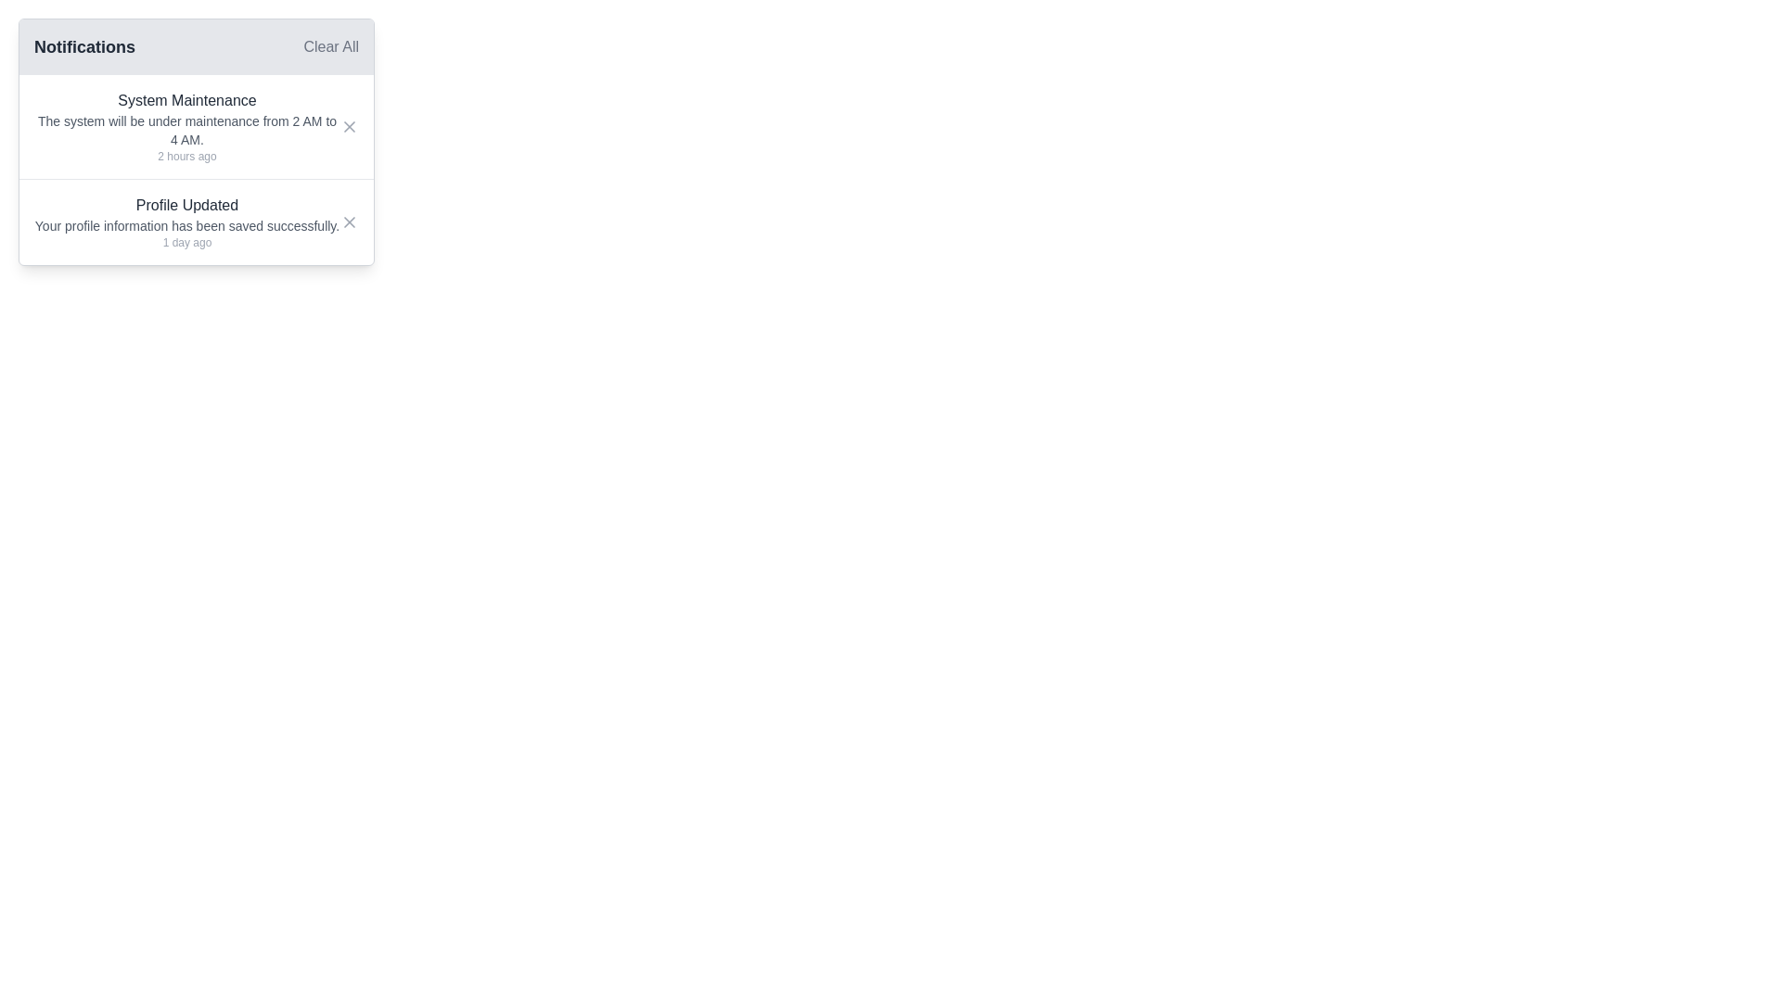 This screenshot has width=1781, height=1001. Describe the element at coordinates (186, 130) in the screenshot. I see `information from the Text Label that provides details about the planned system maintenance window, which is located between the title 'System Maintenance' and the timestamp '2 hours ago'` at that location.